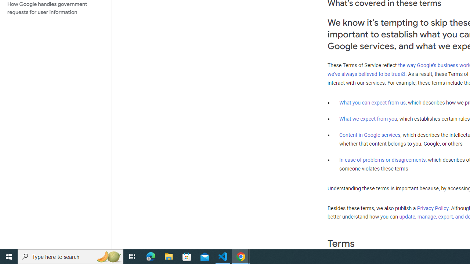 This screenshot has width=470, height=264. Describe the element at coordinates (377, 46) in the screenshot. I see `'services'` at that location.